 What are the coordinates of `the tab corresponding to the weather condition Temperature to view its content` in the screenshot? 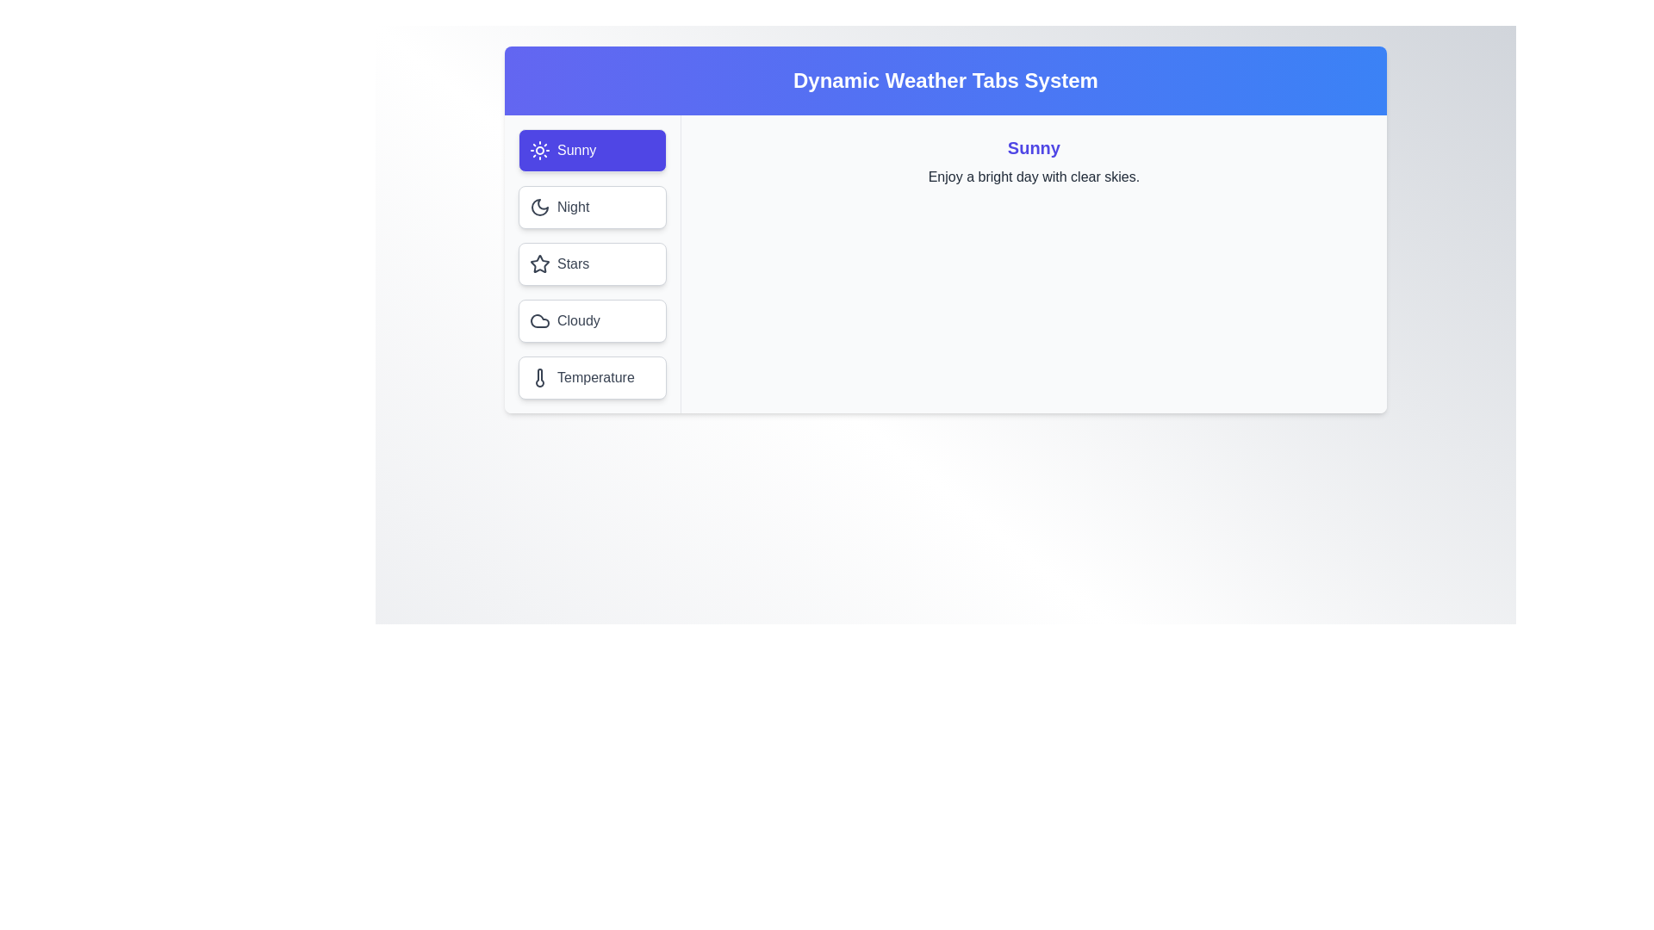 It's located at (591, 377).